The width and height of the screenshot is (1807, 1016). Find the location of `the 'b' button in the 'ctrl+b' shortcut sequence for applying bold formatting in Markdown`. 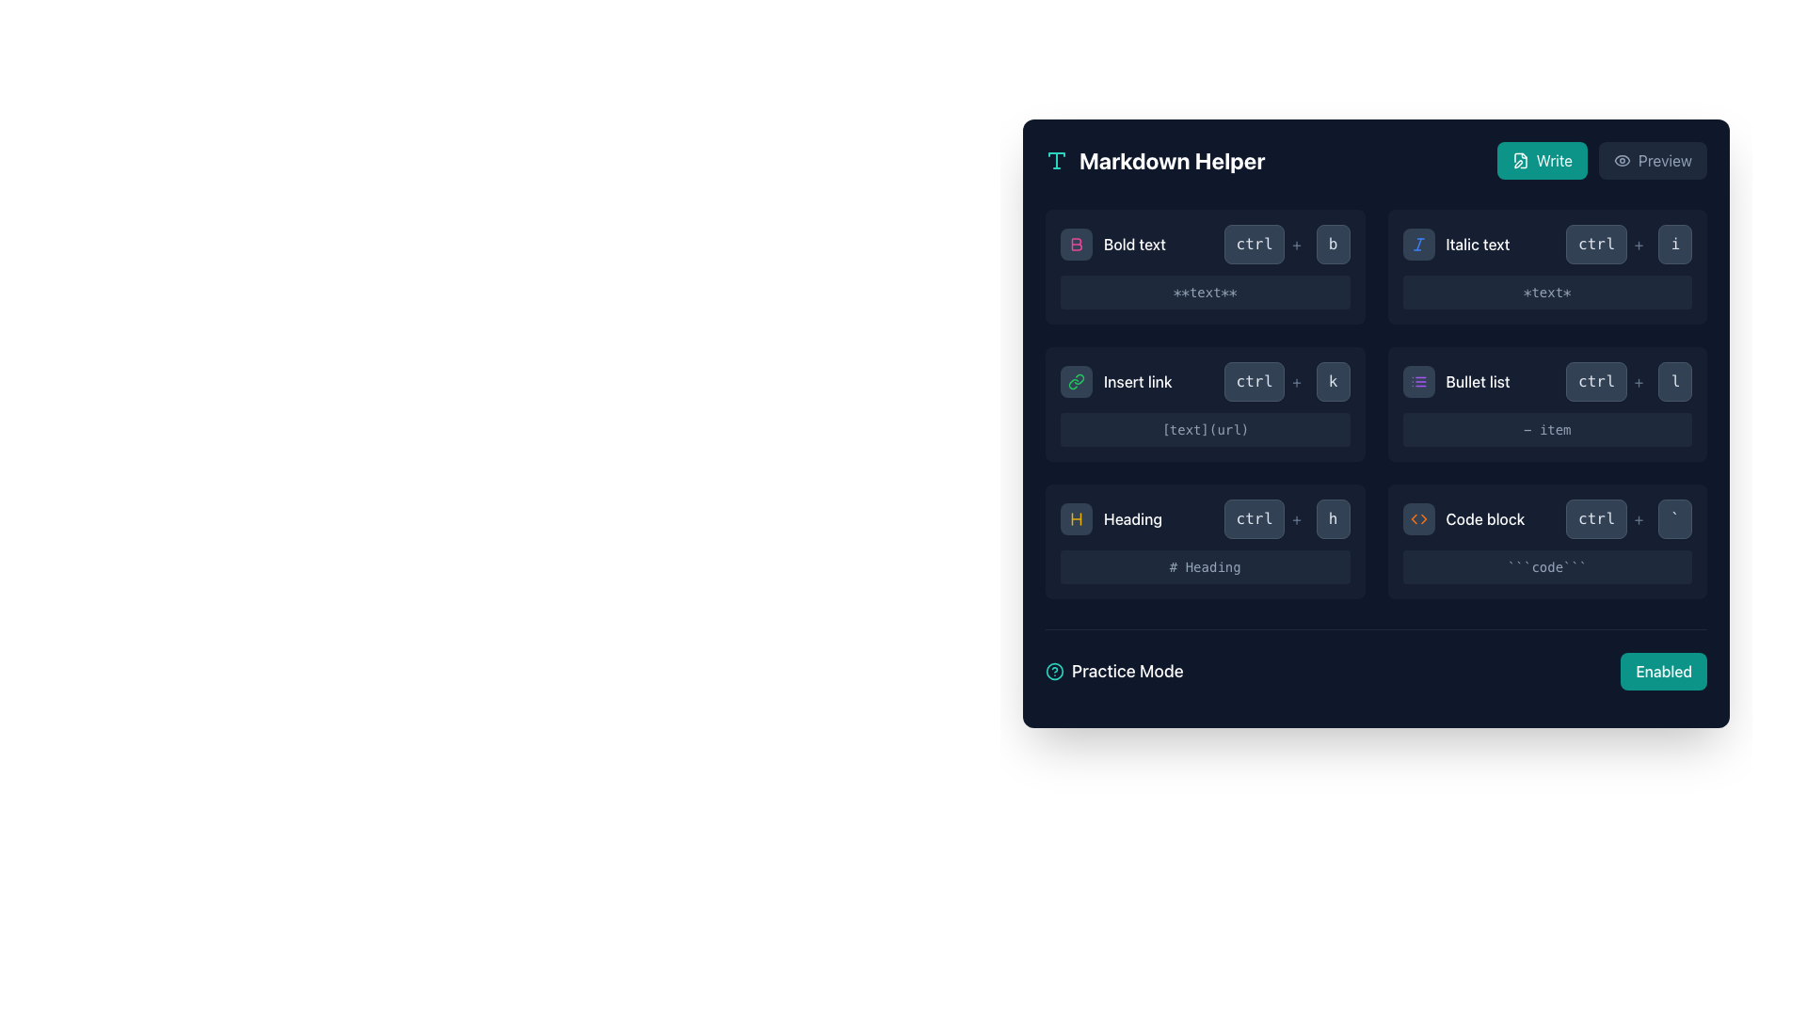

the 'b' button in the 'ctrl+b' shortcut sequence for applying bold formatting in Markdown is located at coordinates (1332, 243).